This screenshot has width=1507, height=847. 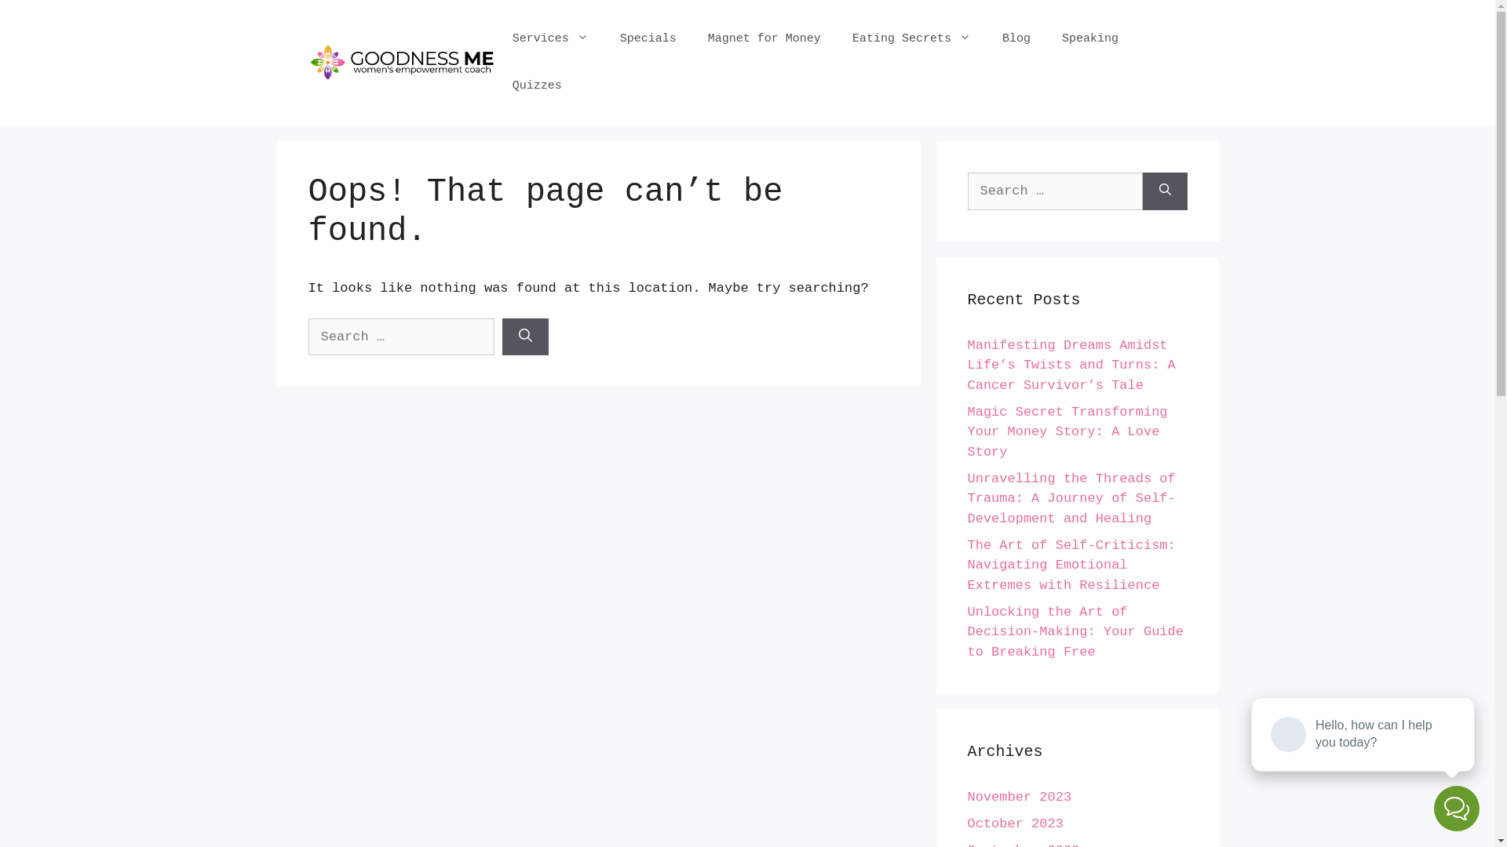 I want to click on 'Specials', so click(x=648, y=38).